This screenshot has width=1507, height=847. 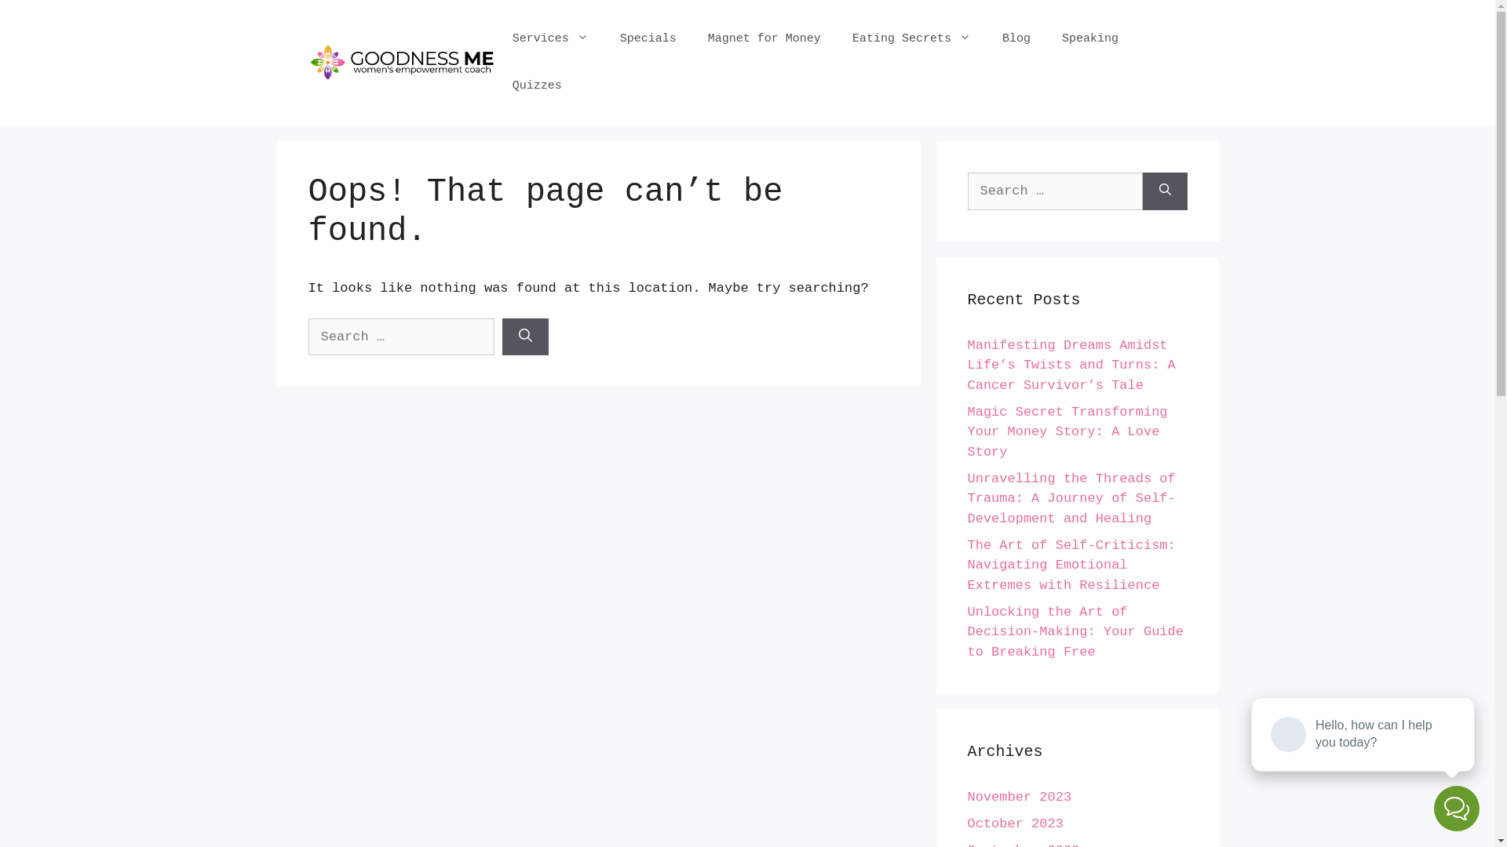 I want to click on 'Specials', so click(x=648, y=38).